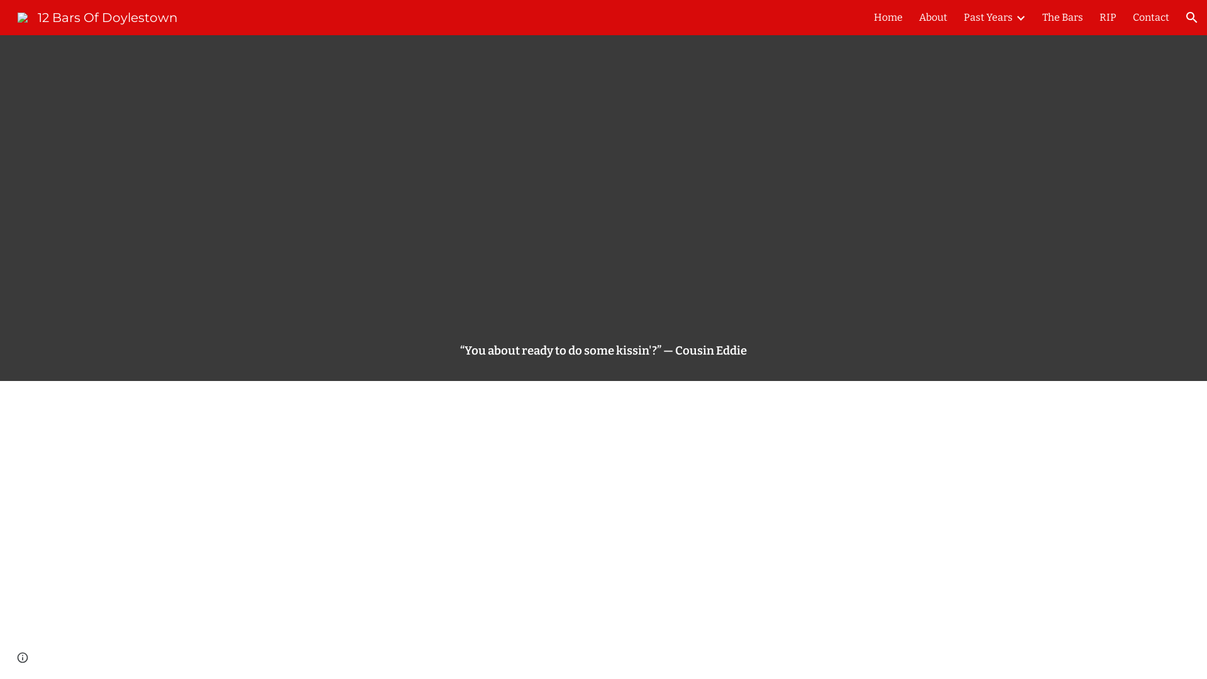 This screenshot has width=1207, height=679. What do you see at coordinates (1062, 17) in the screenshot?
I see `'The Bars'` at bounding box center [1062, 17].